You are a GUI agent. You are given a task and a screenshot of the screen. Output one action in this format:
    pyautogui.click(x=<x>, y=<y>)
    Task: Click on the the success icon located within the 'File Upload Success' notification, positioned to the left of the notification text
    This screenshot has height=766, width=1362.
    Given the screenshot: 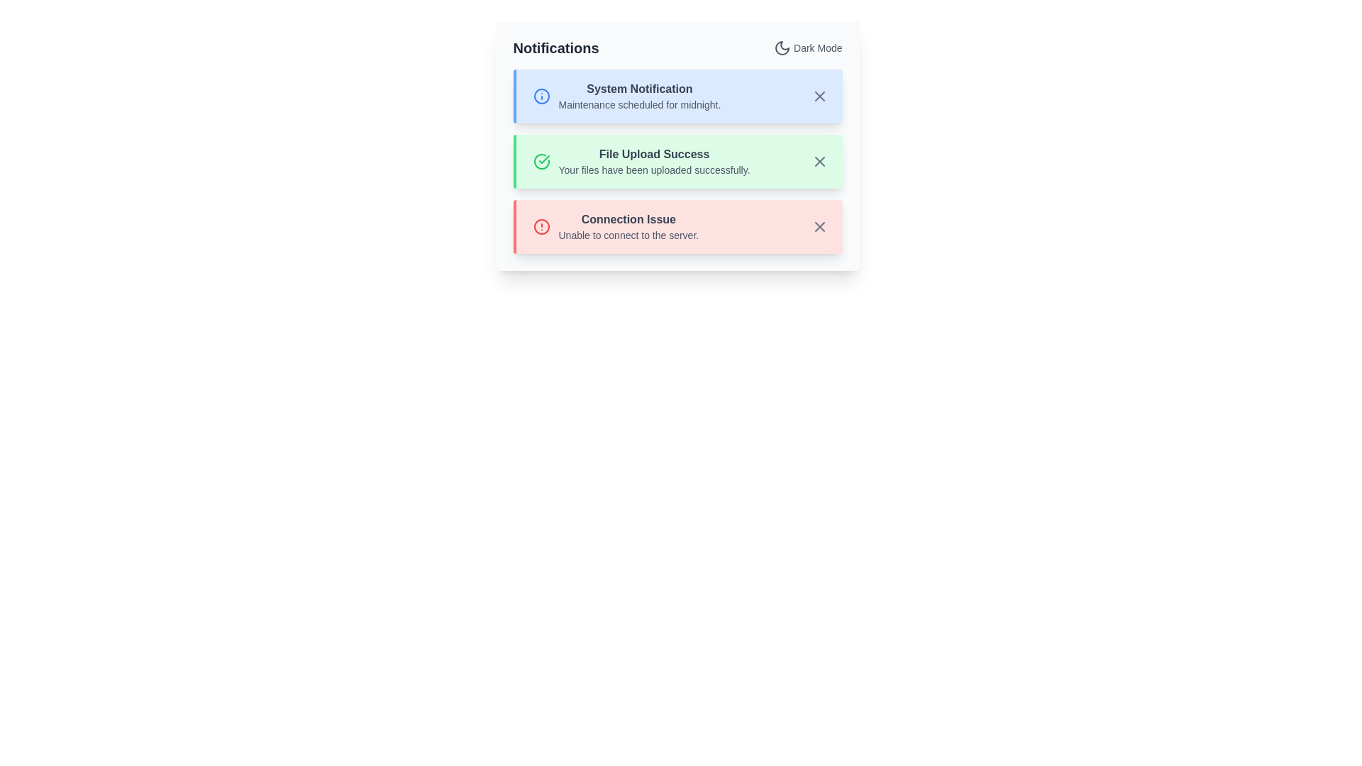 What is the action you would take?
    pyautogui.click(x=541, y=160)
    